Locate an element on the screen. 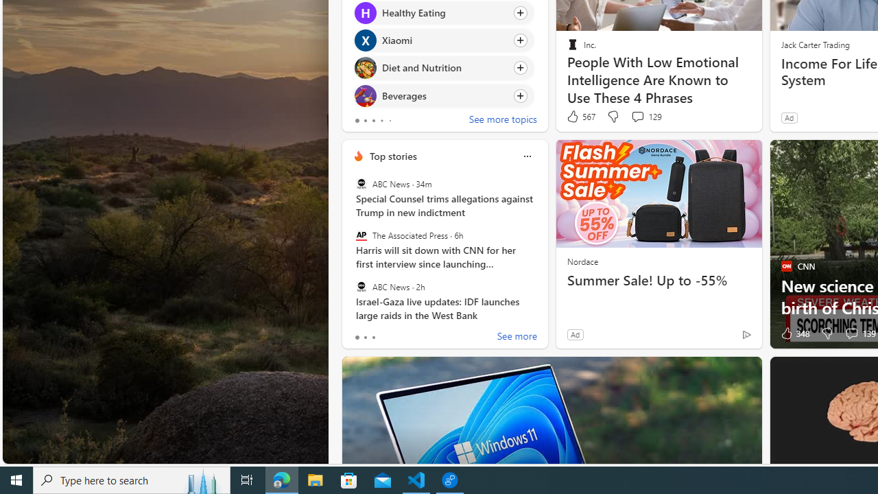  'The Associated Press' is located at coordinates (361, 235).